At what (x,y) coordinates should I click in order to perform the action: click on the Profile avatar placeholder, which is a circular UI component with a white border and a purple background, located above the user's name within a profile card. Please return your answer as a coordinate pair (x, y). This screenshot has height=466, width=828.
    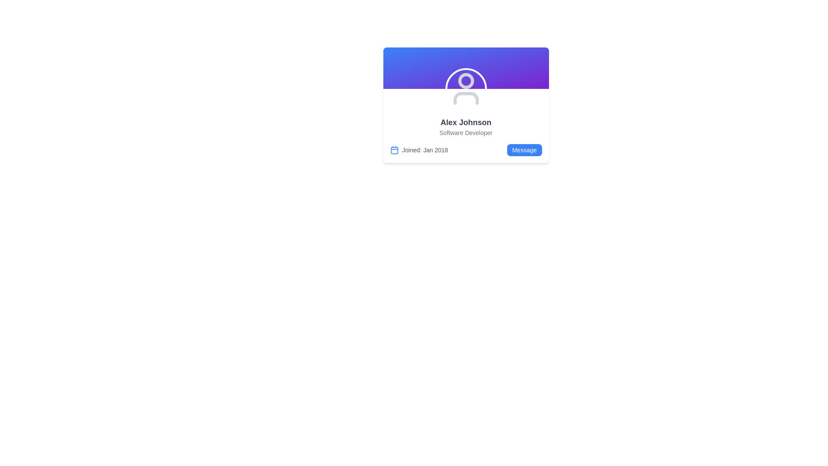
    Looking at the image, I should click on (465, 88).